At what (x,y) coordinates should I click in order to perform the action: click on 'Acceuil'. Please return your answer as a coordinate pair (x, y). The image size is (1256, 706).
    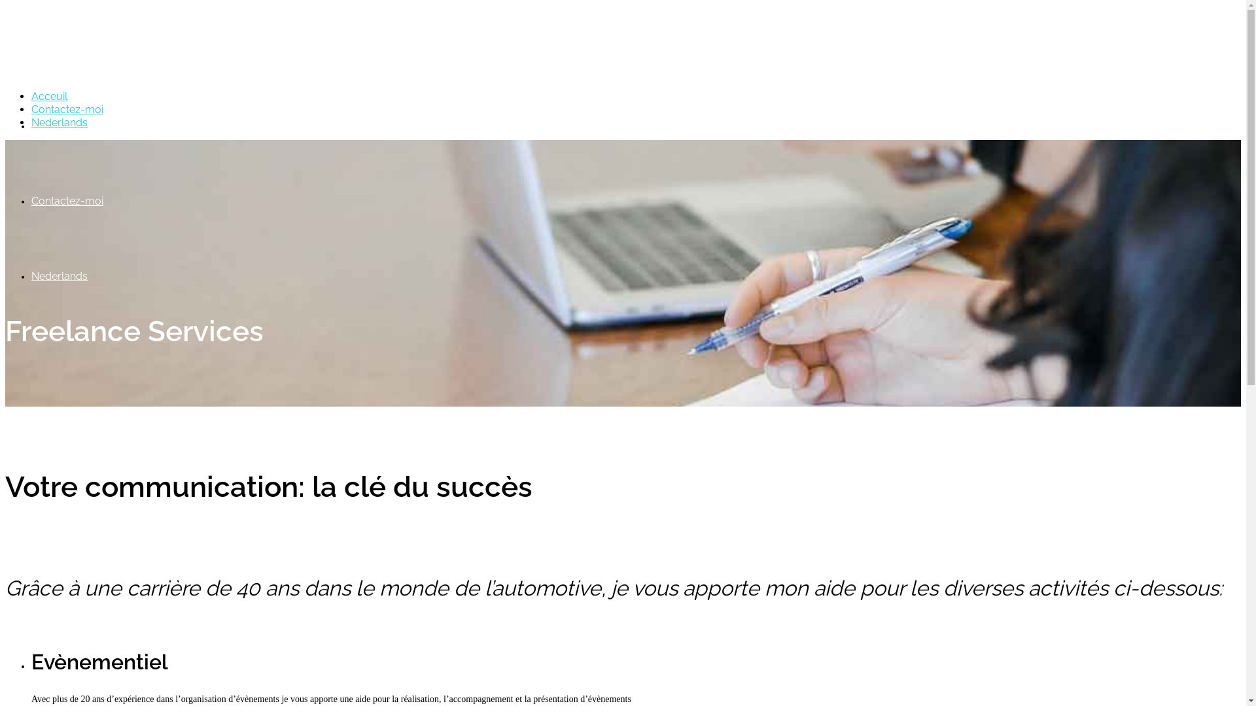
    Looking at the image, I should click on (49, 95).